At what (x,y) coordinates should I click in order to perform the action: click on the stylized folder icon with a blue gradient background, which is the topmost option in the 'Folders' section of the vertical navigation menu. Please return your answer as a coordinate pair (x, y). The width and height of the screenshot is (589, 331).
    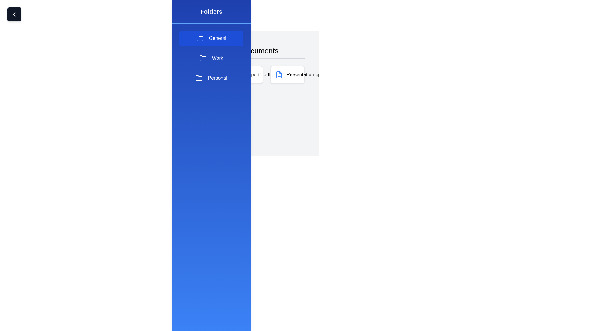
    Looking at the image, I should click on (200, 38).